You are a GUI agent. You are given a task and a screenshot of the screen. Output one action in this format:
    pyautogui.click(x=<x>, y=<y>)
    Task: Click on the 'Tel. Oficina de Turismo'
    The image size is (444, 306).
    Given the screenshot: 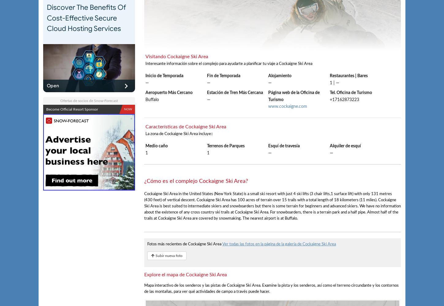 What is the action you would take?
    pyautogui.click(x=350, y=92)
    